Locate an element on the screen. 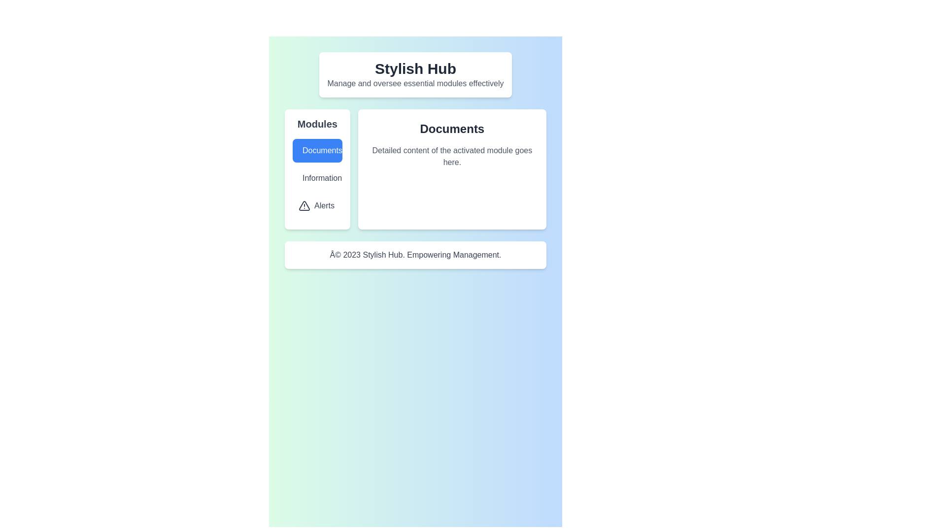  the 'Alerts' button in the 'Modules' list located in the left column of the interface is located at coordinates (317, 205).